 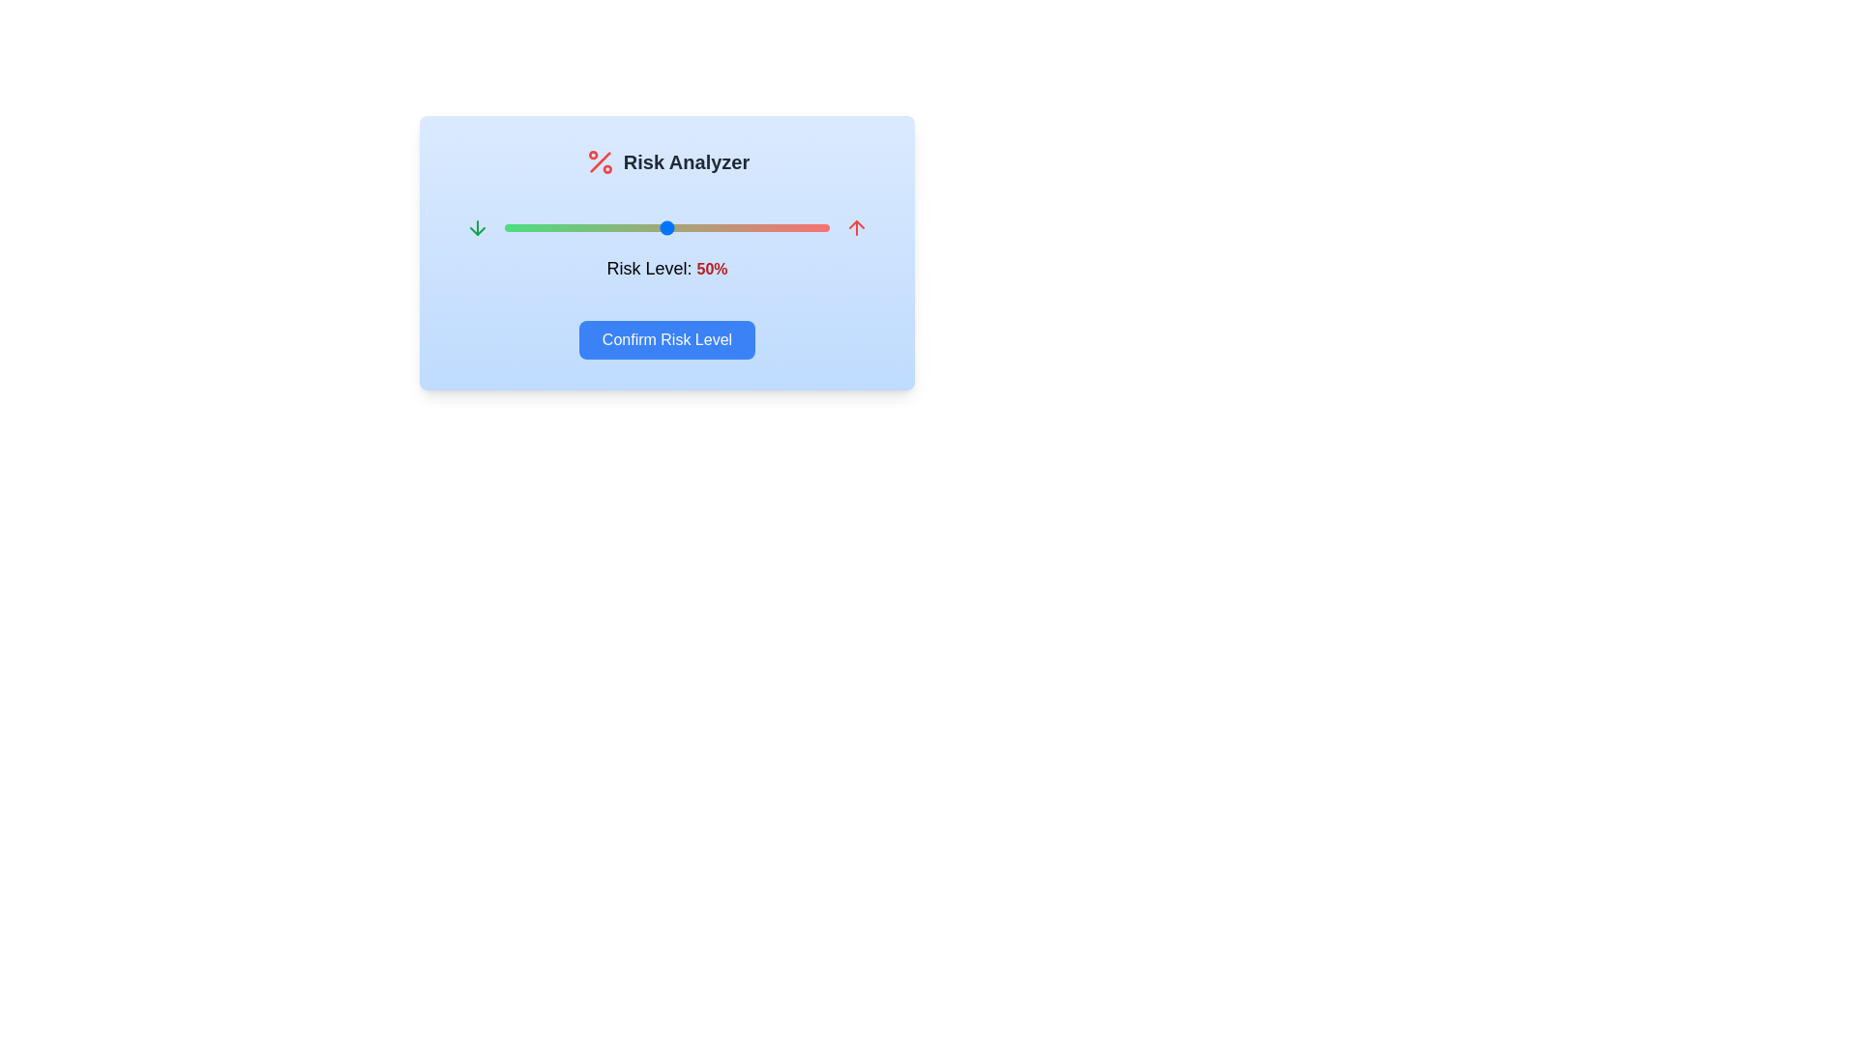 I want to click on the risk level slider to 21%, so click(x=572, y=226).